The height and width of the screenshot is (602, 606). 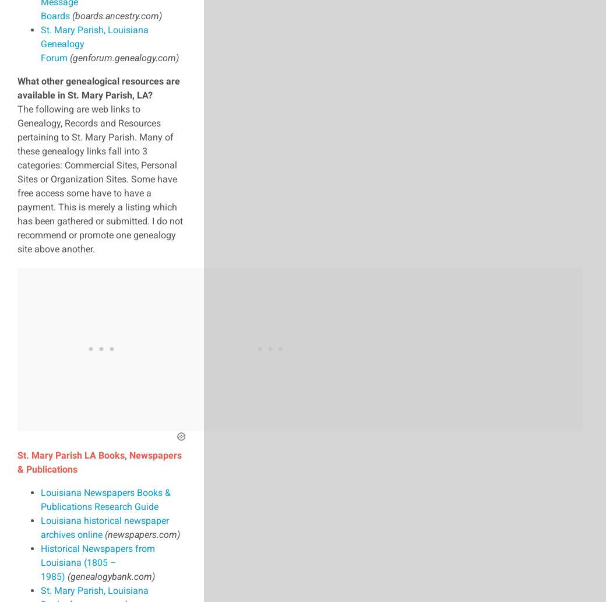 I want to click on '(genforum.genealogy.com)', so click(x=124, y=57).